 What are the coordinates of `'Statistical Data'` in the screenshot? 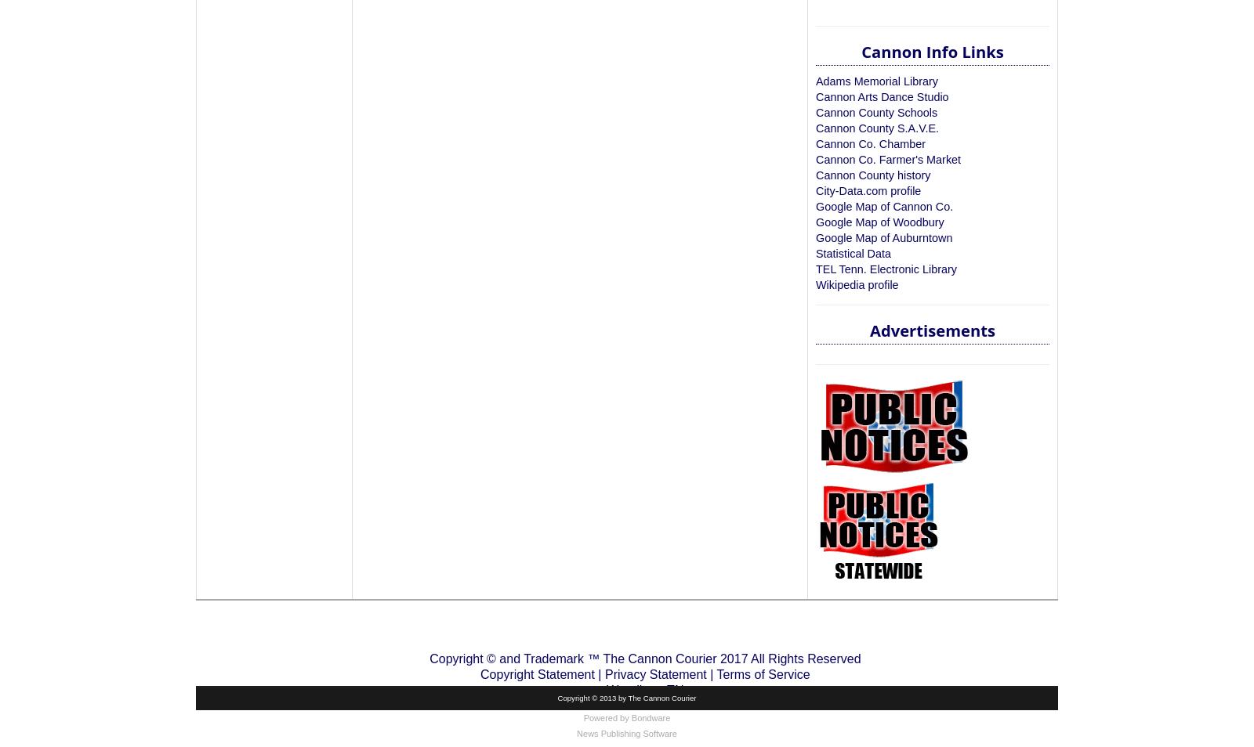 It's located at (815, 253).